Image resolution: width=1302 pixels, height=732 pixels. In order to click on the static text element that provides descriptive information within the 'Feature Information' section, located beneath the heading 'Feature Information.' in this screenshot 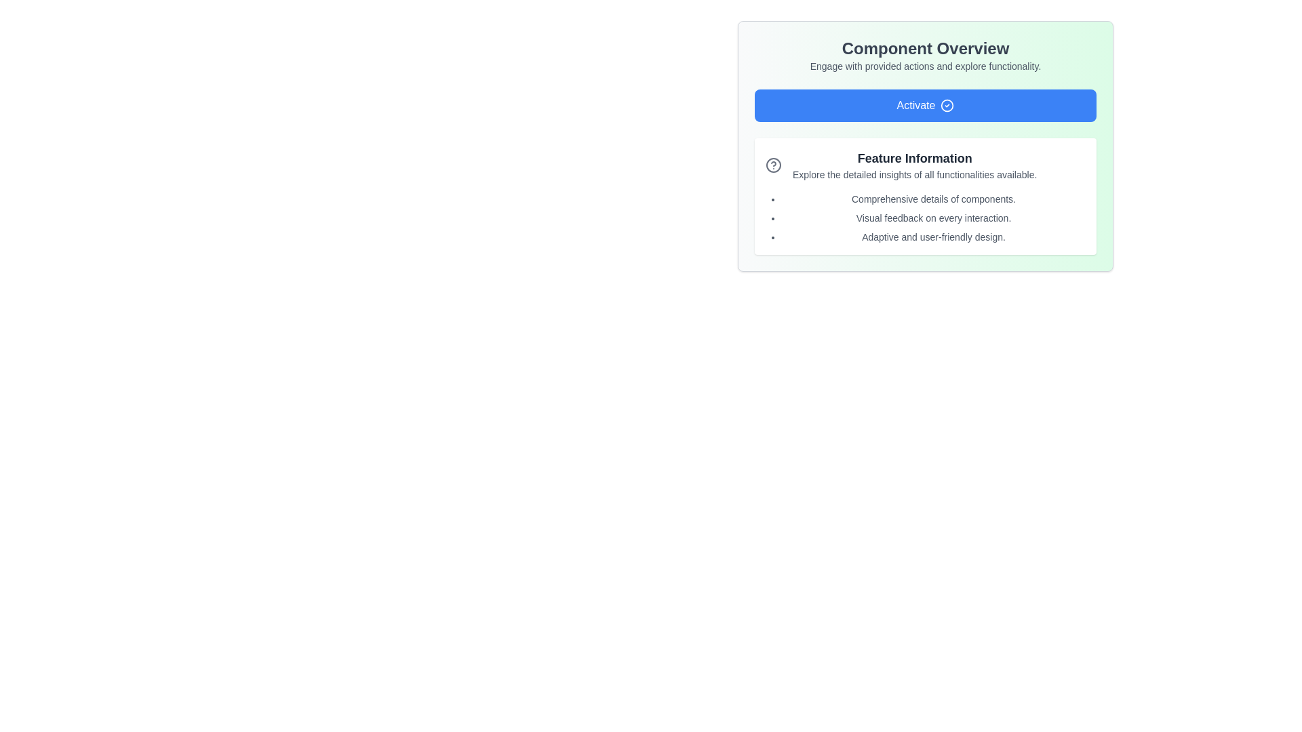, I will do `click(915, 174)`.